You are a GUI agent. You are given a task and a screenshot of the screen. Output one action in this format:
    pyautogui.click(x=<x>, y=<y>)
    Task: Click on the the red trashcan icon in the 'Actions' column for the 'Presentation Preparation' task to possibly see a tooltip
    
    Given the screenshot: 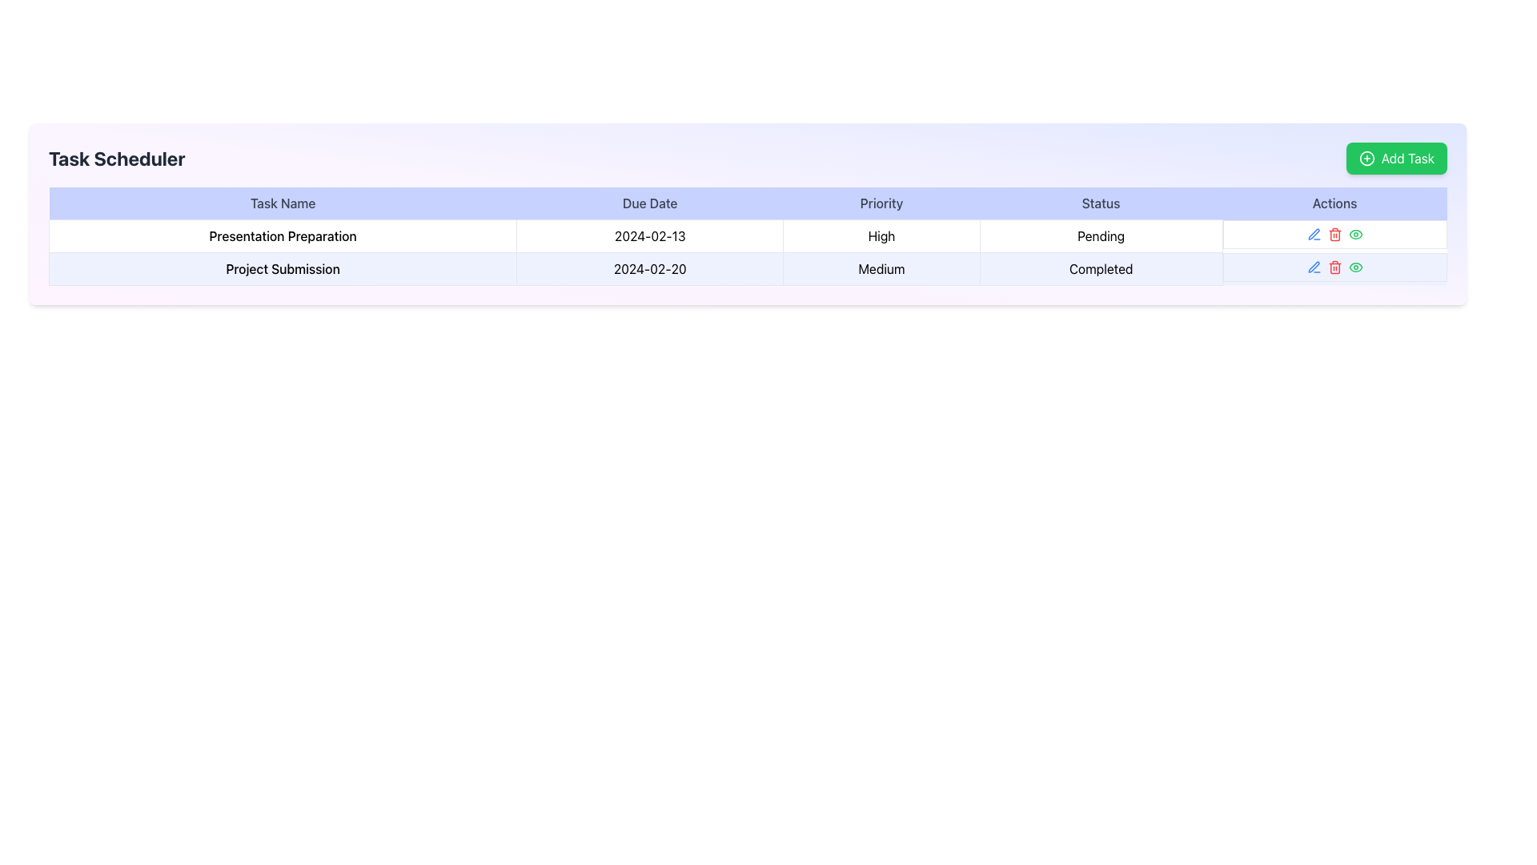 What is the action you would take?
    pyautogui.click(x=1334, y=234)
    